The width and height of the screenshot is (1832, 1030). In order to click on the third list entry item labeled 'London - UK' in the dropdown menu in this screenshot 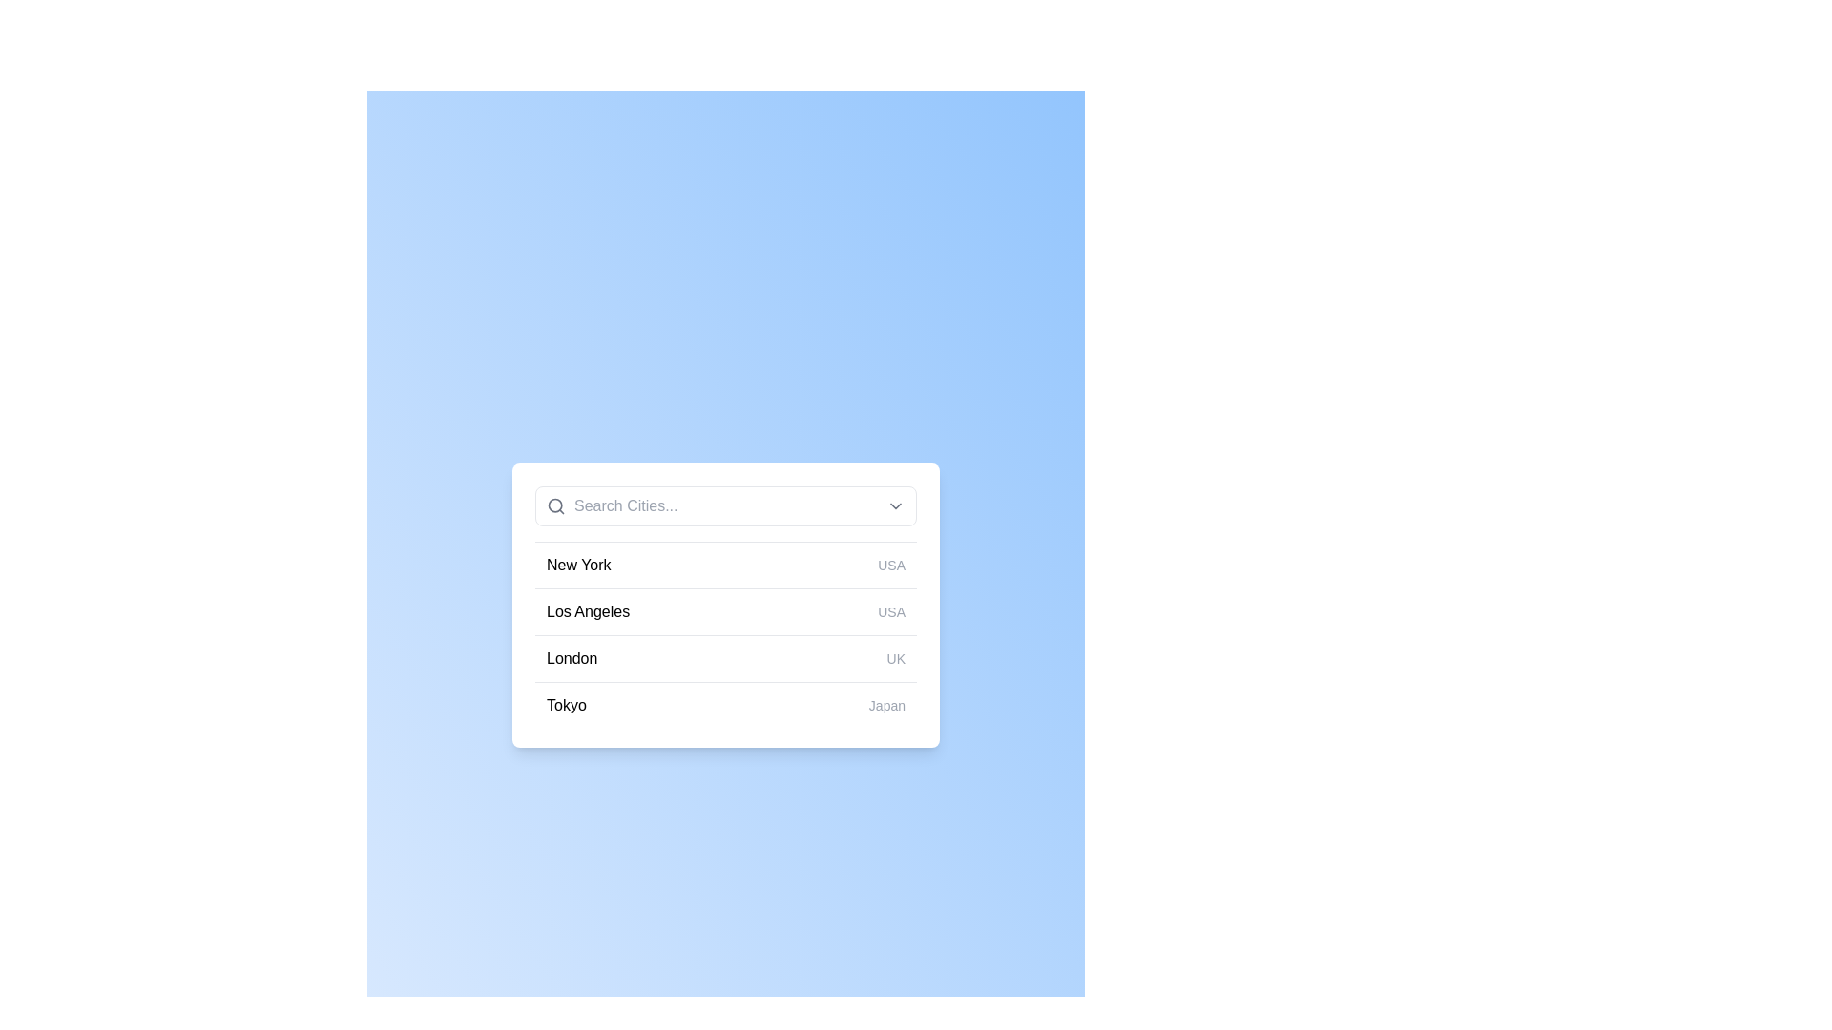, I will do `click(725, 657)`.